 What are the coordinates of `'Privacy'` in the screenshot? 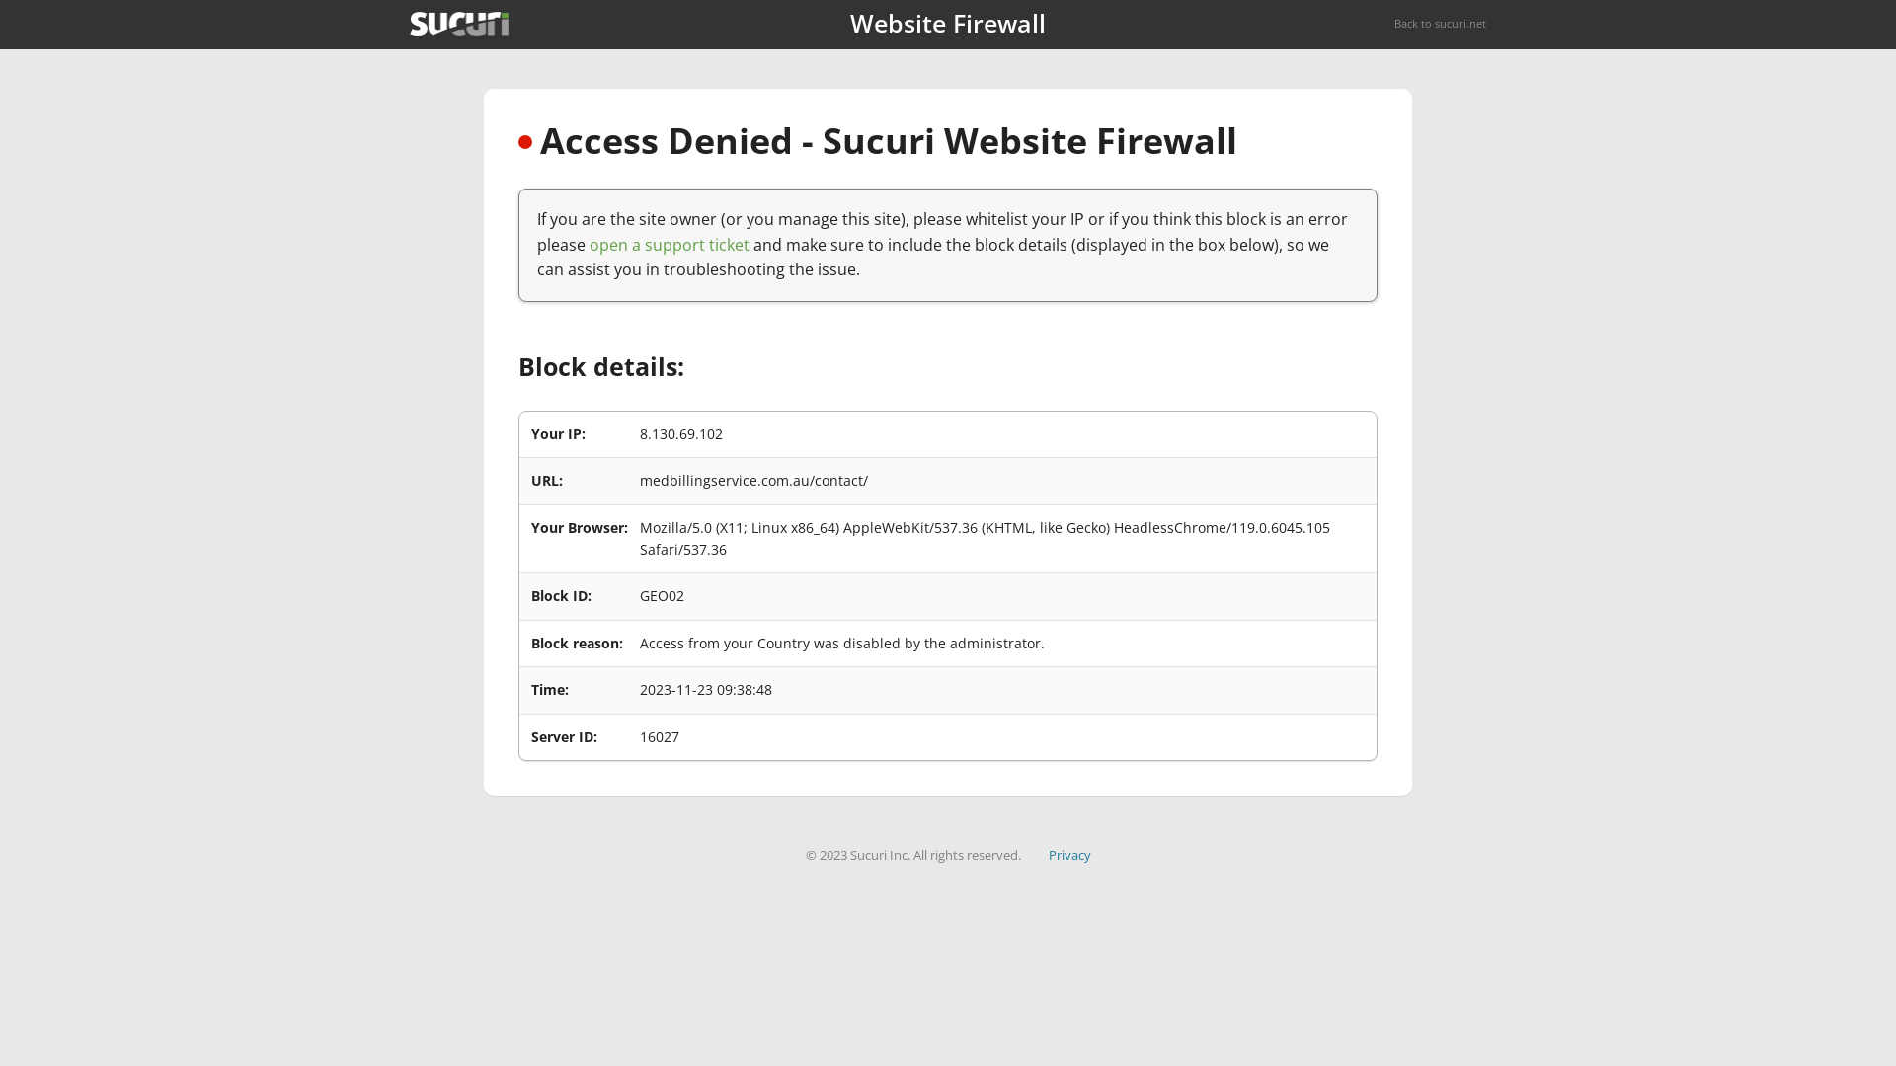 It's located at (1068, 854).